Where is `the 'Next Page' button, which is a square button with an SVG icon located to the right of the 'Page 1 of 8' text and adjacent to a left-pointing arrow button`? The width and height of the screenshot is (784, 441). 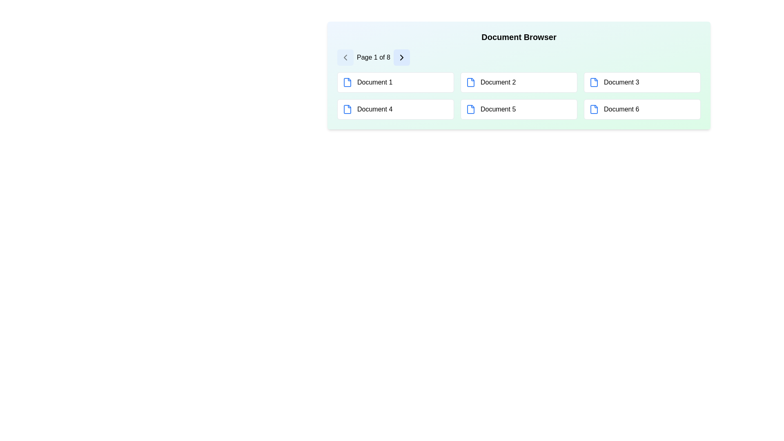 the 'Next Page' button, which is a square button with an SVG icon located to the right of the 'Page 1 of 8' text and adjacent to a left-pointing arrow button is located at coordinates (401, 57).